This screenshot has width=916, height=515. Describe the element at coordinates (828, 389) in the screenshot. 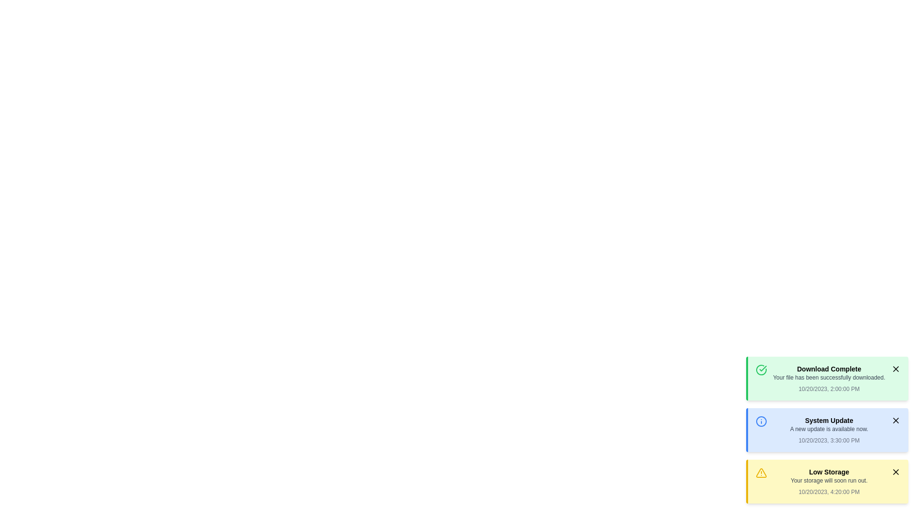

I see `timestamp displayed in the notification box labeled 'Download Complete', located at the center of the text label below the message 'Your file has been successfully downloaded'` at that location.